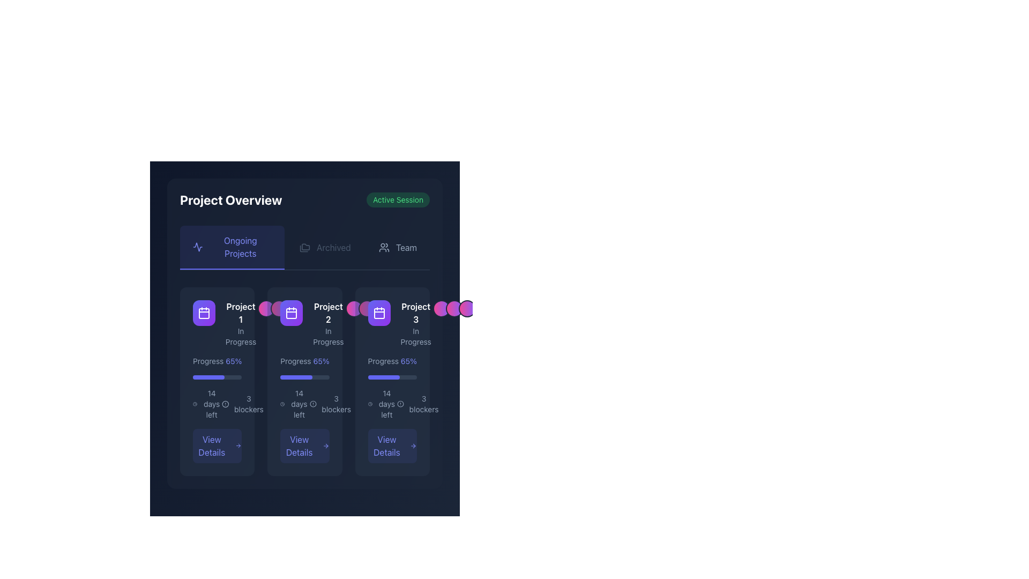  What do you see at coordinates (304, 377) in the screenshot?
I see `the progress bar with a dark slate gray background and rounded edges, which represents progress and is located within the 'Project 2' card, below the 'Progress 65%' text` at bounding box center [304, 377].